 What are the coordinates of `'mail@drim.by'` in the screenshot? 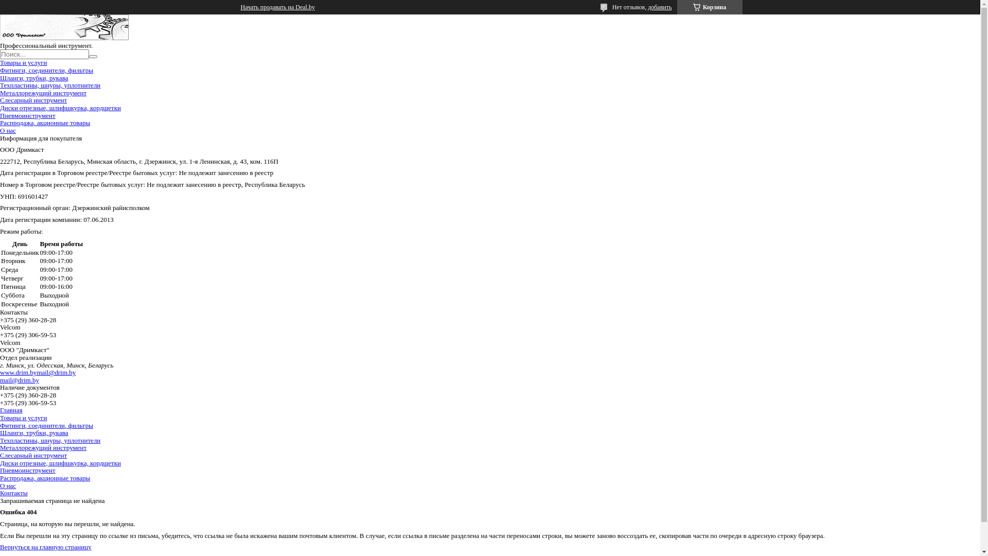 It's located at (20, 380).